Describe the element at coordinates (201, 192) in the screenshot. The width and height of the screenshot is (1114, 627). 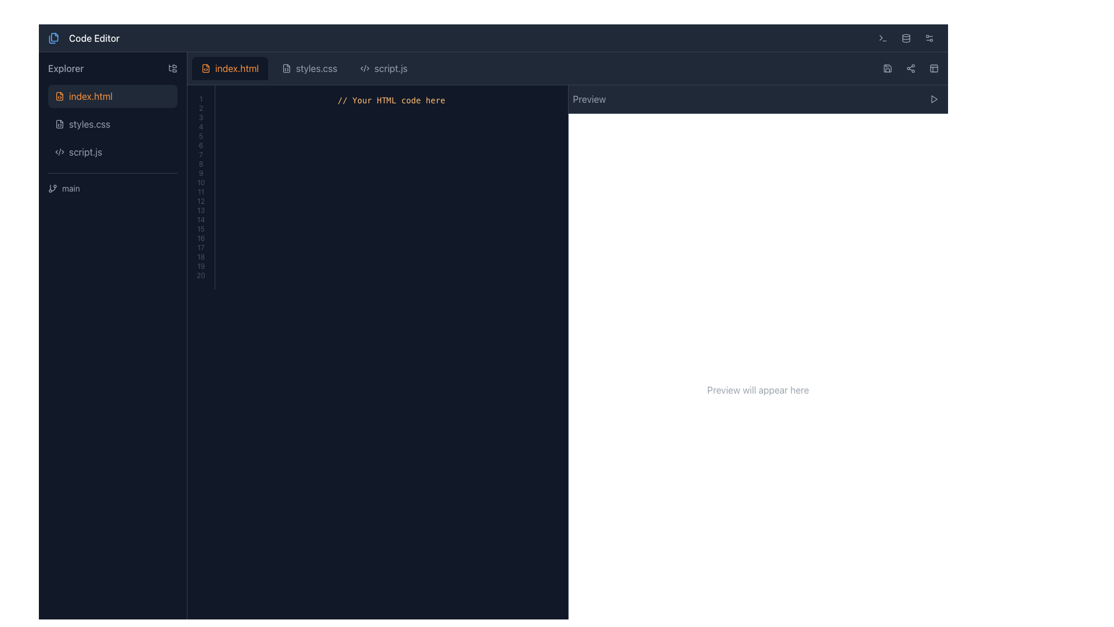
I see `the label displaying the text '11' in light gray color, which is the 11th item in a vertical list of numbers from 1 to 20 in the left panel` at that location.